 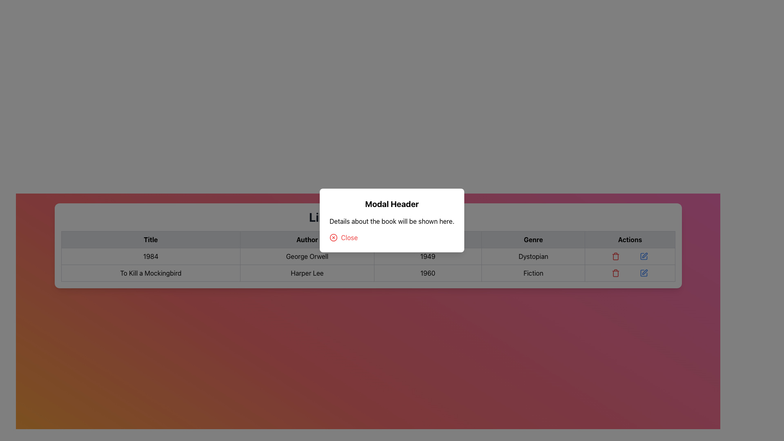 I want to click on the 'Genre' header text label, which is the fourth header in a row of similar headers including 'Title', 'Author', 'Published', and 'Actions', so click(x=533, y=239).